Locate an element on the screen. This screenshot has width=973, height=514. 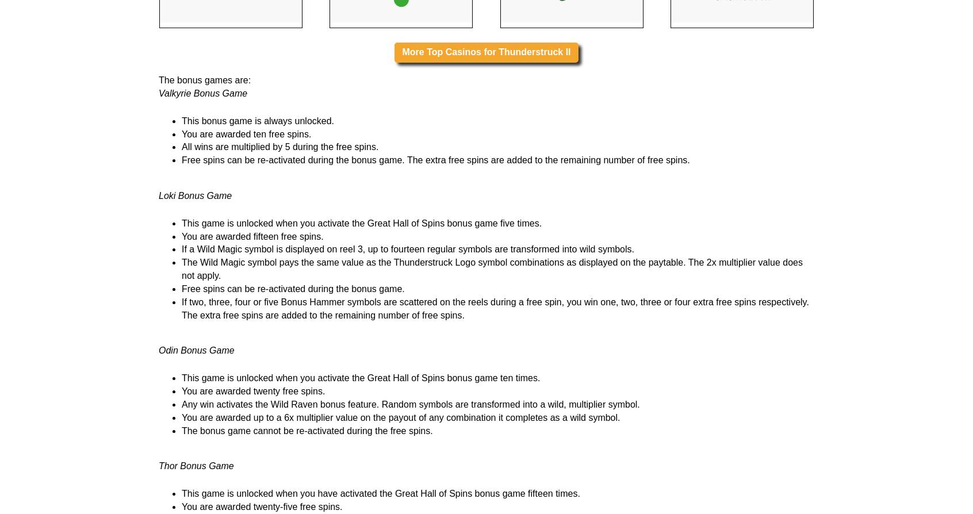
'More Top Casinos for Thunderstruck II' is located at coordinates (486, 195).